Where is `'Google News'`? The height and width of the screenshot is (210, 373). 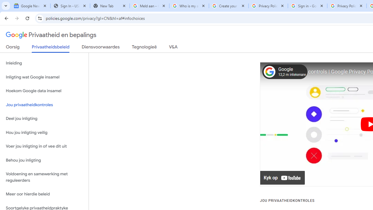
'Google News' is located at coordinates (30, 6).